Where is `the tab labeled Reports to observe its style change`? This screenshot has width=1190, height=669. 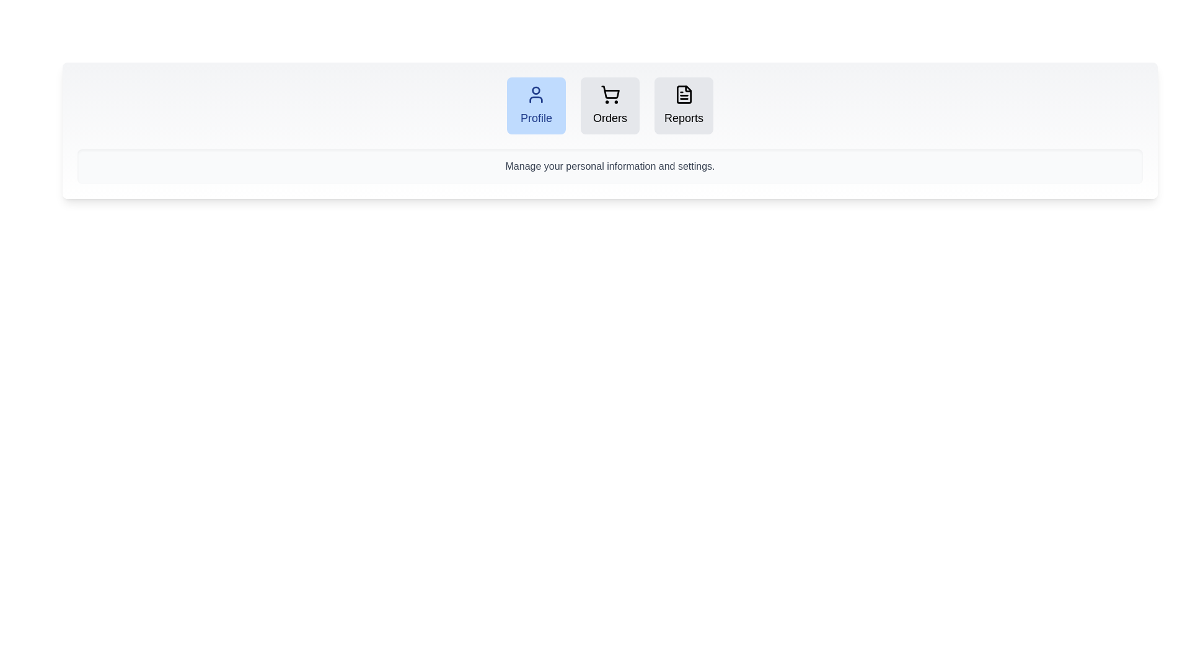 the tab labeled Reports to observe its style change is located at coordinates (683, 105).